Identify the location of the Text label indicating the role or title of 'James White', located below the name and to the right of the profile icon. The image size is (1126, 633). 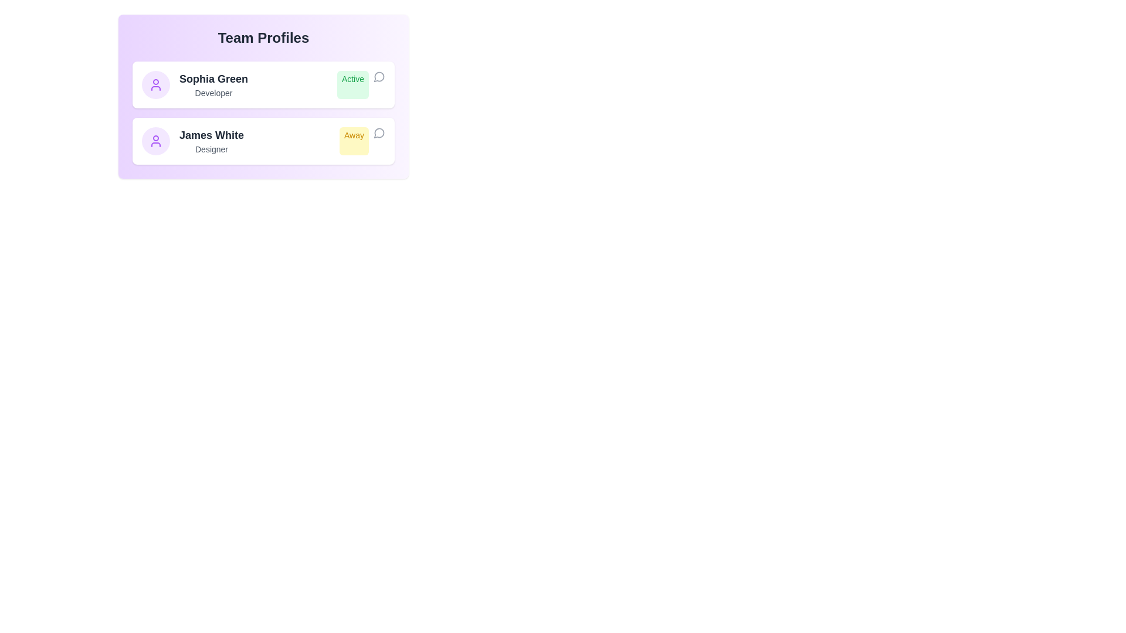
(211, 148).